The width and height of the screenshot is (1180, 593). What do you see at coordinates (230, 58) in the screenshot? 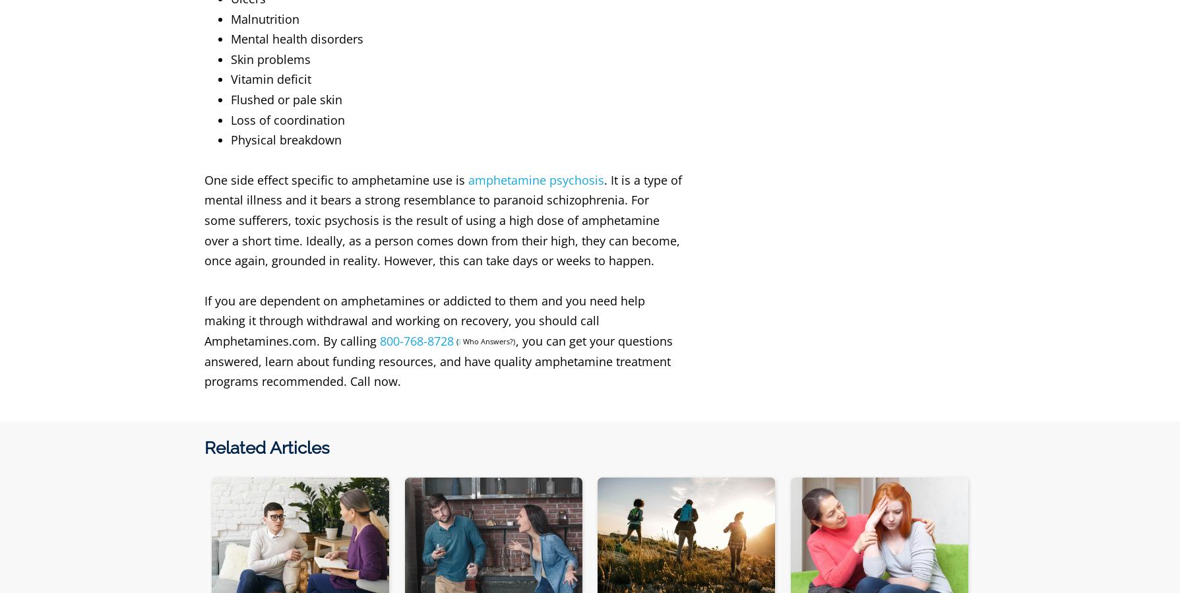
I see `'Skin problems'` at bounding box center [230, 58].